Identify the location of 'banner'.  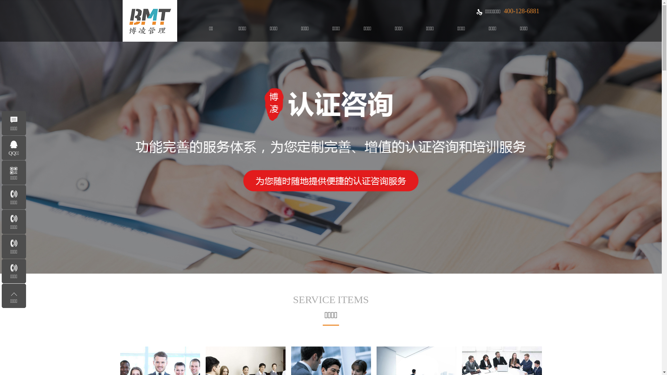
(330, 136).